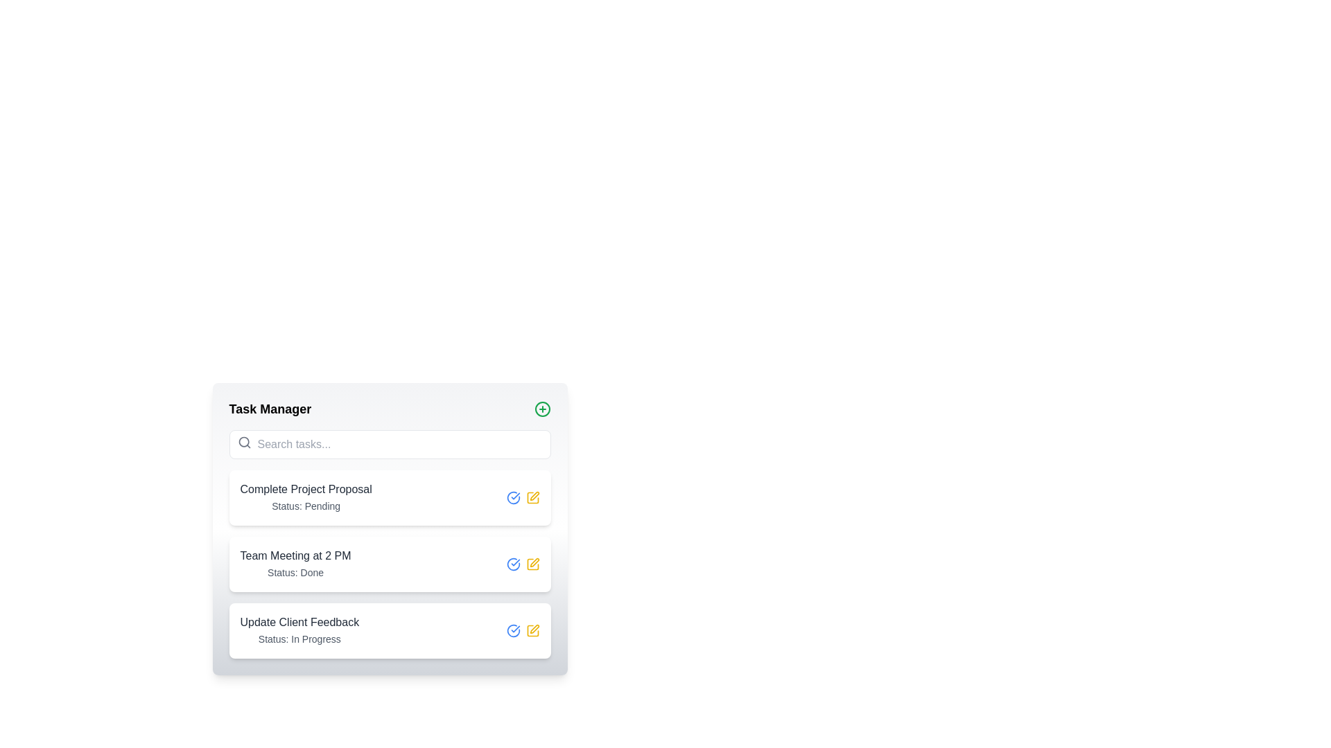 This screenshot has height=748, width=1331. What do you see at coordinates (299, 630) in the screenshot?
I see `title 'Update Client Feedback' and the status 'Status: In Progress' from the text block, which is the third entry in the task list panel` at bounding box center [299, 630].